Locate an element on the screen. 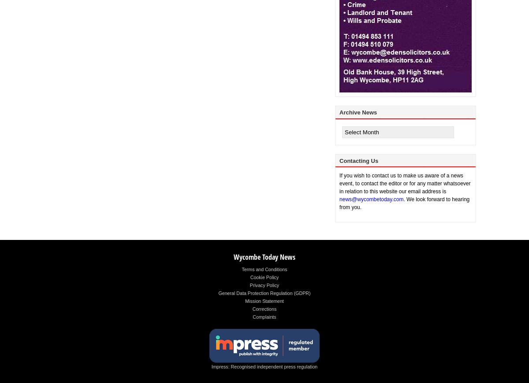 The height and width of the screenshot is (383, 529). 'General Data Protection Regulation (GDPR)' is located at coordinates (264, 293).